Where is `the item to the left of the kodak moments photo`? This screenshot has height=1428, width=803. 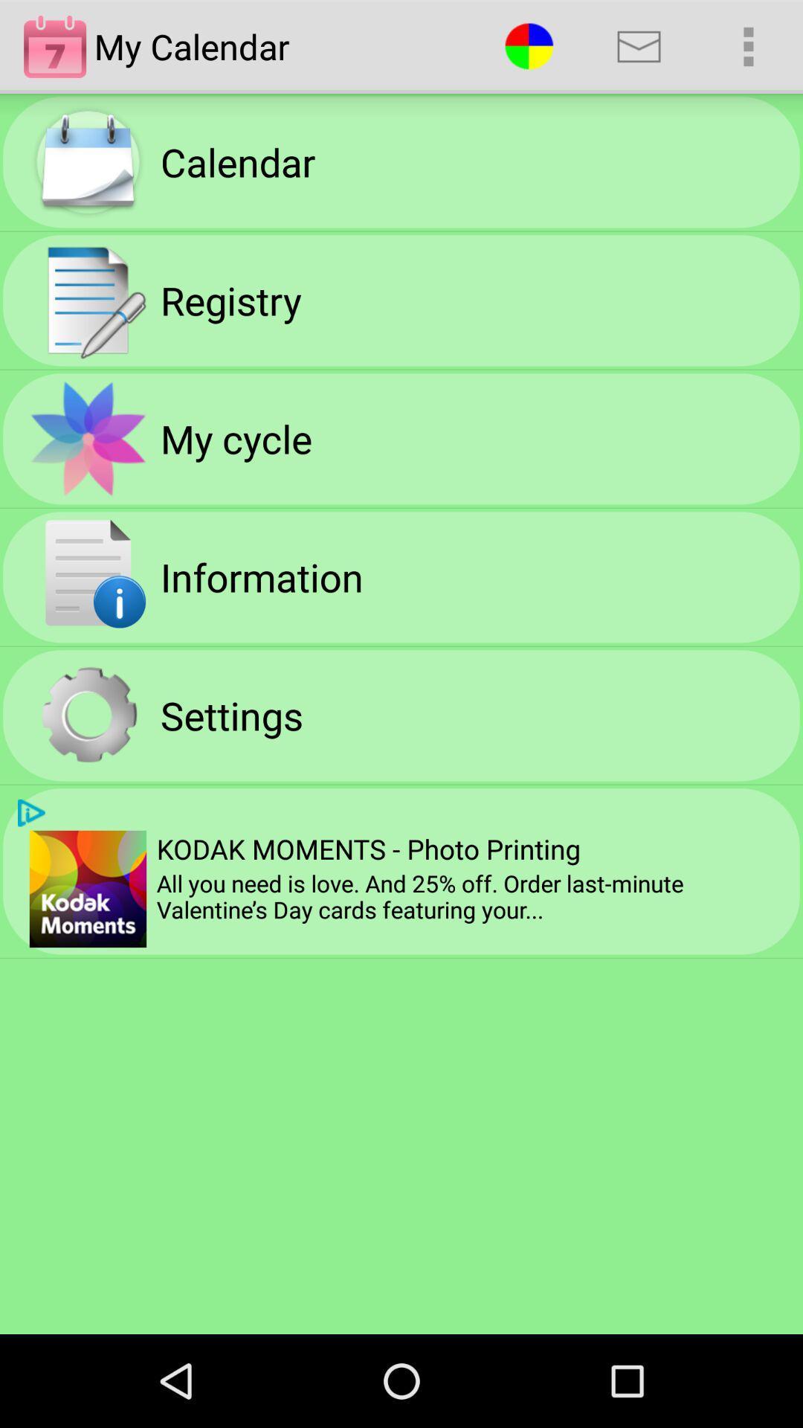
the item to the left of the kodak moments photo is located at coordinates (88, 889).